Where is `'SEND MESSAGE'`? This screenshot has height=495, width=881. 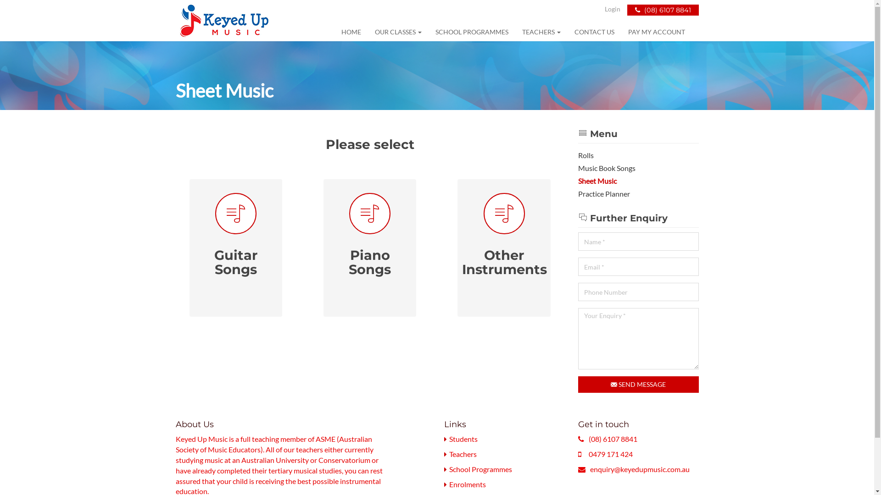 'SEND MESSAGE' is located at coordinates (638, 385).